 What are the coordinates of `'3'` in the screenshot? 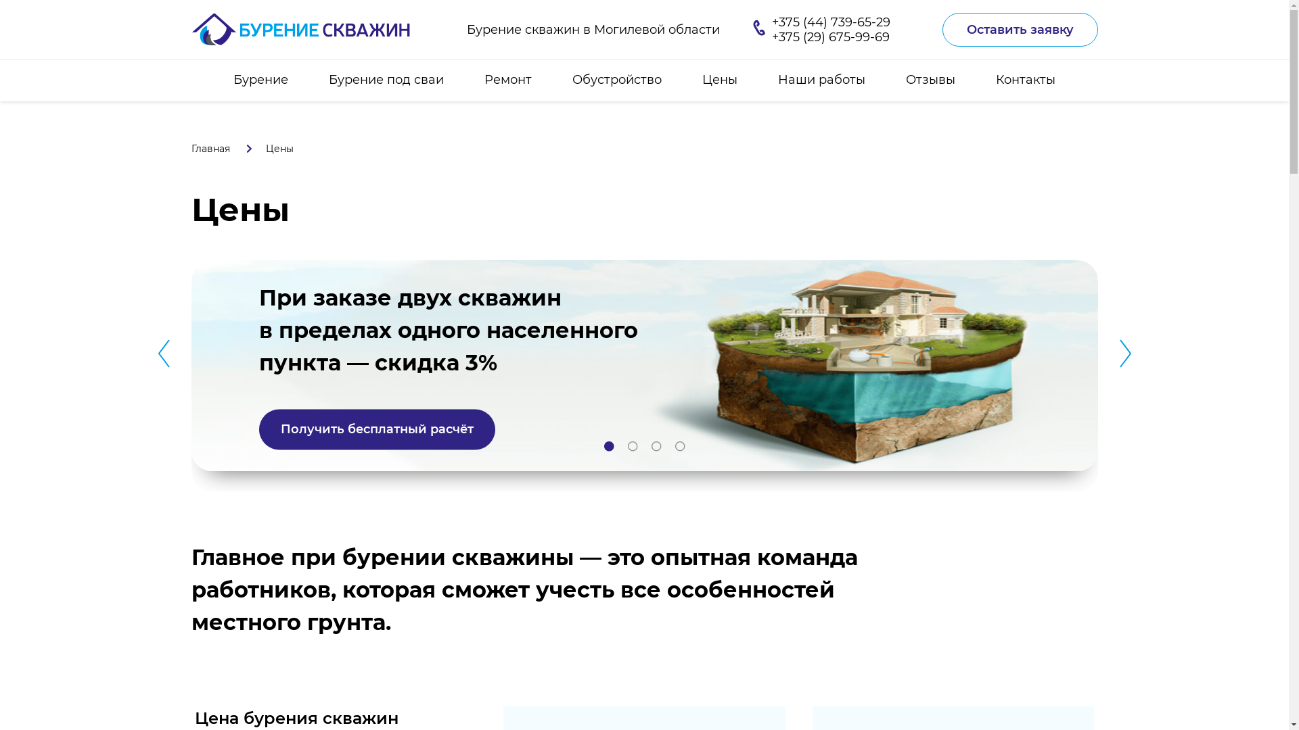 It's located at (656, 446).